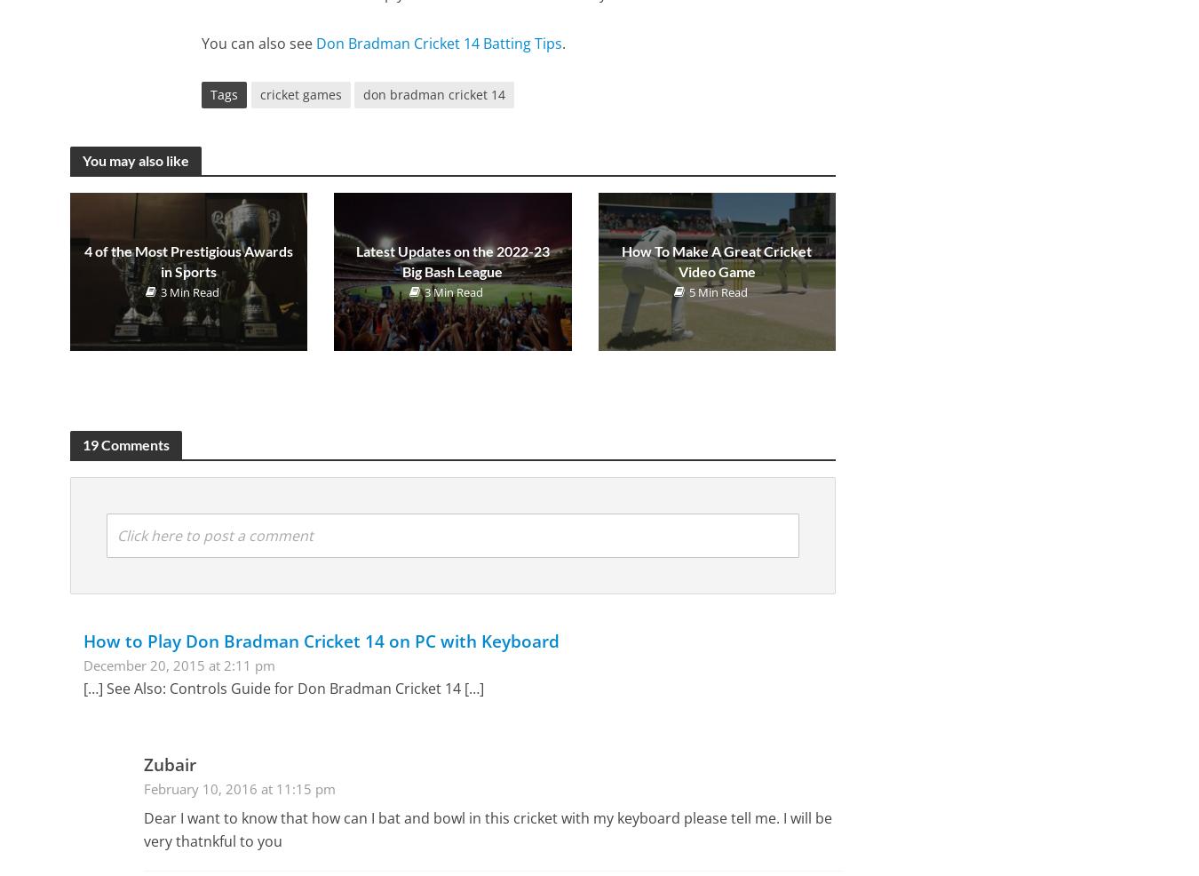 This screenshot has width=1199, height=876. Describe the element at coordinates (187, 260) in the screenshot. I see `'4 of the Most Prestigious Awards in Sports'` at that location.